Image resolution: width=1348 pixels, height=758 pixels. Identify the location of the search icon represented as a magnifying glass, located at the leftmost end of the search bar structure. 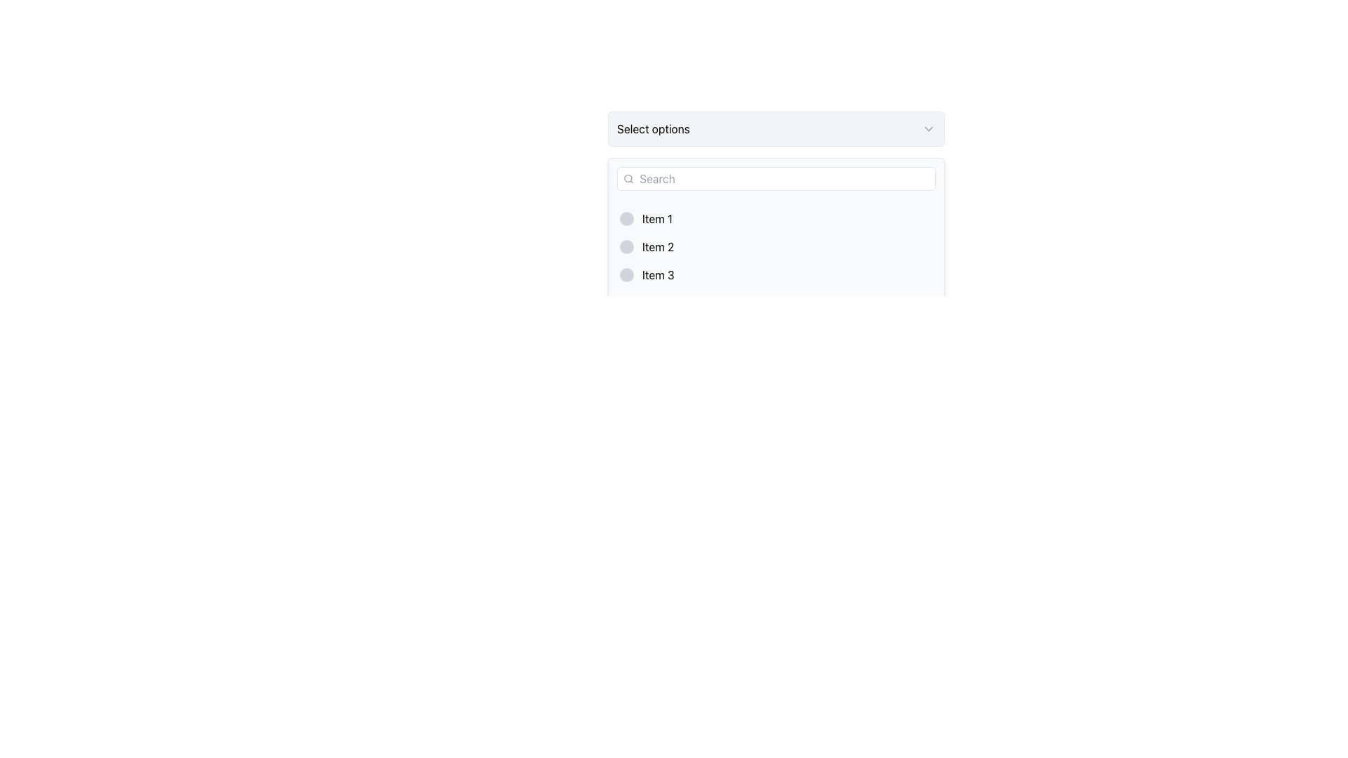
(628, 178).